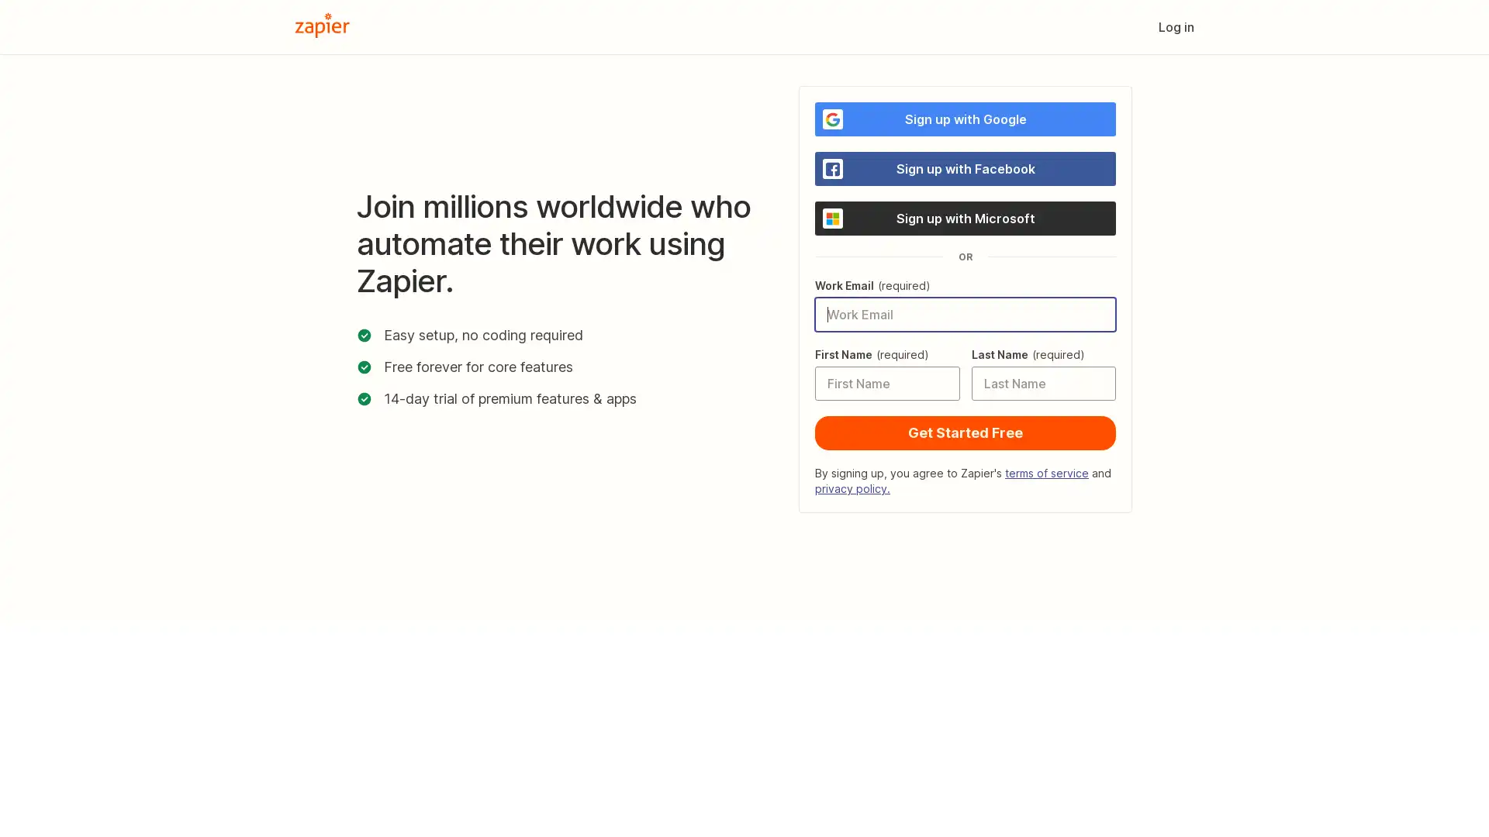 The height and width of the screenshot is (837, 1489). I want to click on Microsoft Logo Sign up with Microsoft, so click(964, 218).